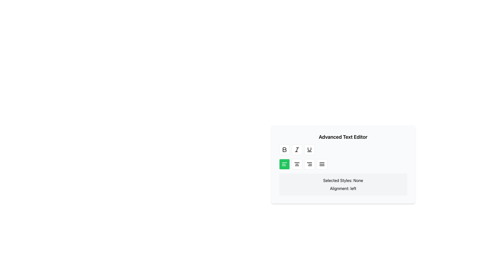 The width and height of the screenshot is (480, 270). What do you see at coordinates (284, 164) in the screenshot?
I see `the leftmost alignment button in the horizontal group of four alignment buttons in the text editor for keyboard navigation` at bounding box center [284, 164].